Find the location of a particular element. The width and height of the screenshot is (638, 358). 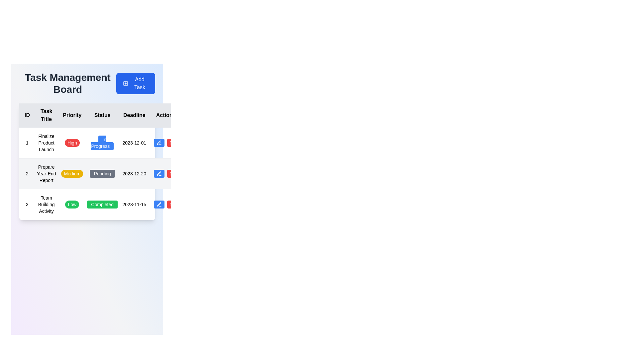

the text label displaying the number '2' in plain text, located in the leftmost column of the second row within a task tracking table is located at coordinates (27, 173).